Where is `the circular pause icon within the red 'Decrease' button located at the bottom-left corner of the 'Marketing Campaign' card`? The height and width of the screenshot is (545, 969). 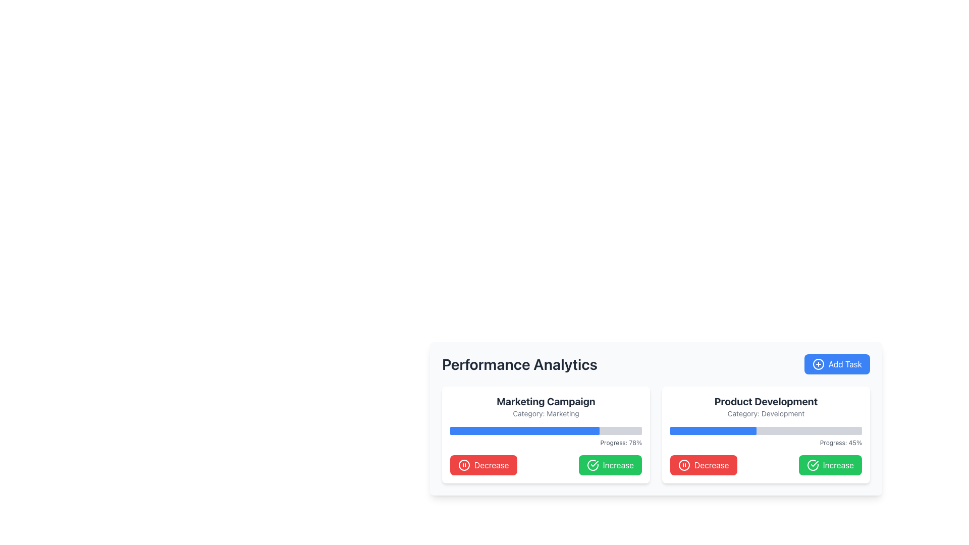
the circular pause icon within the red 'Decrease' button located at the bottom-left corner of the 'Marketing Campaign' card is located at coordinates (464, 465).